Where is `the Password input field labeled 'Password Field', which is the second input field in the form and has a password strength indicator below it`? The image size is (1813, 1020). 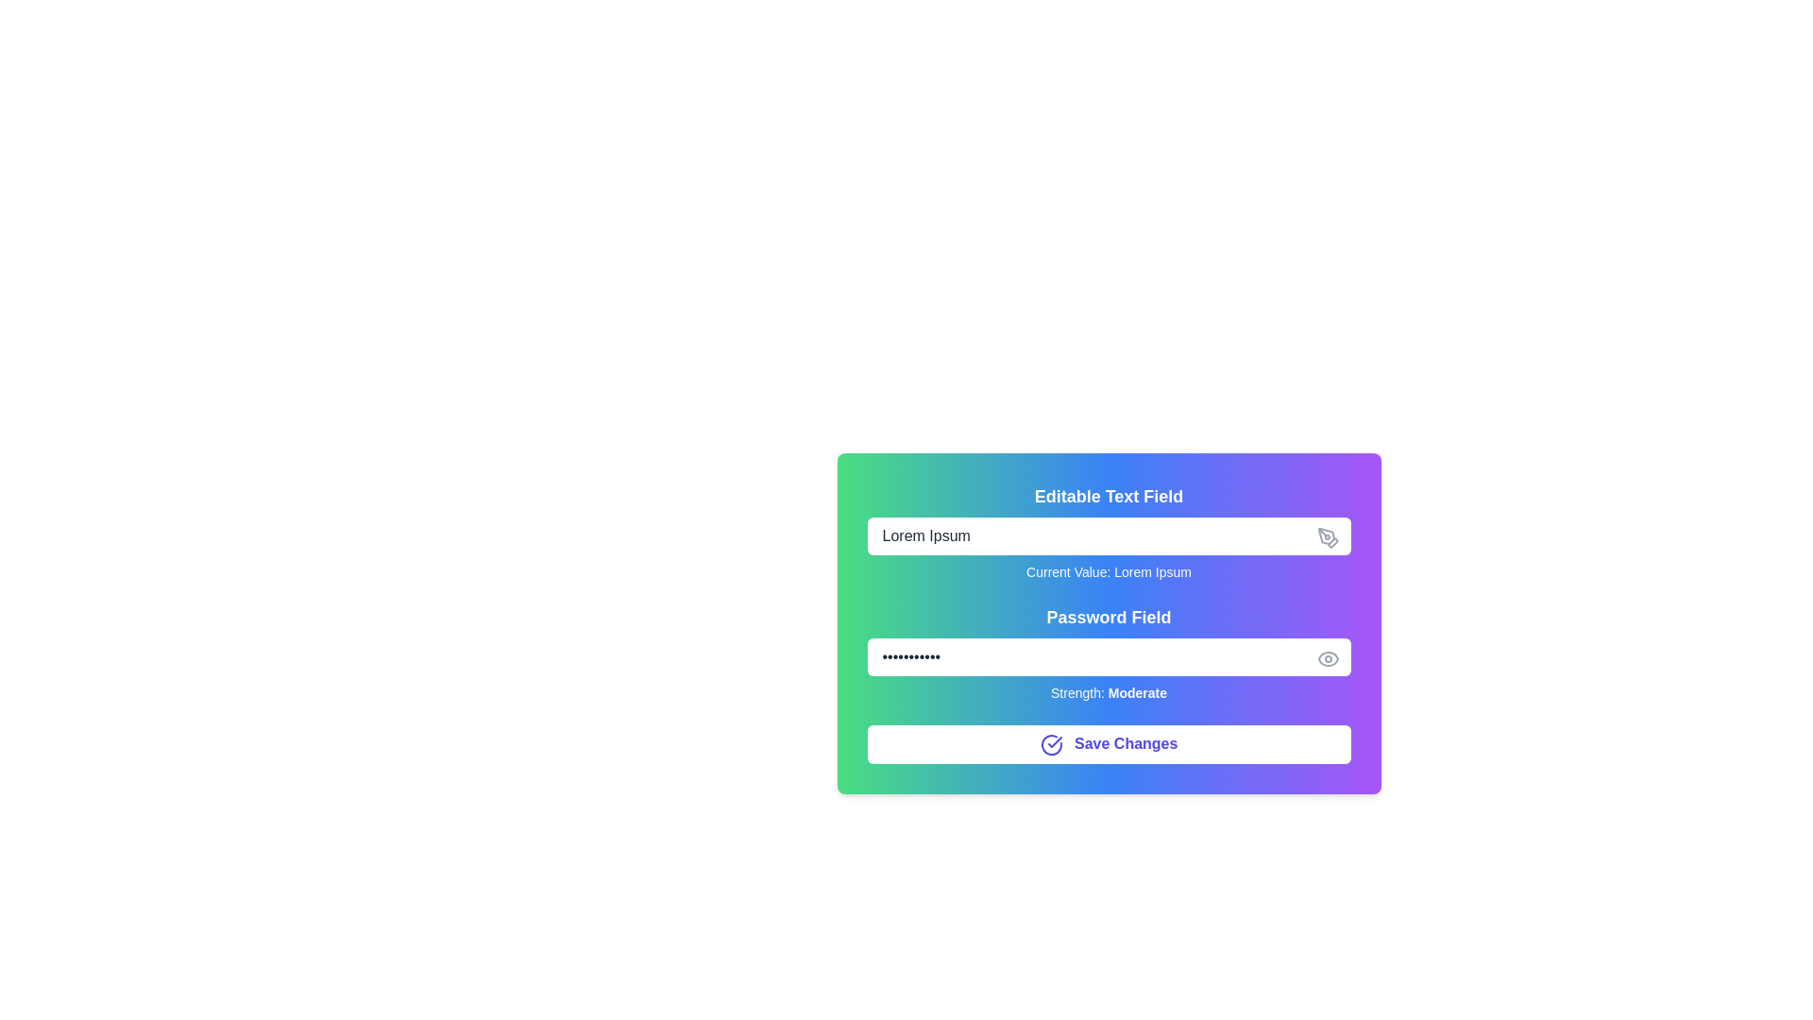
the Password input field labeled 'Password Field', which is the second input field in the form and has a password strength indicator below it is located at coordinates (1109, 652).